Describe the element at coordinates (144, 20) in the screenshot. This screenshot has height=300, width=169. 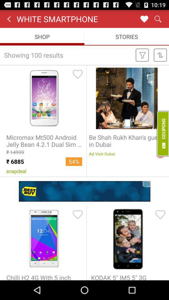
I see `the favorite icon` at that location.